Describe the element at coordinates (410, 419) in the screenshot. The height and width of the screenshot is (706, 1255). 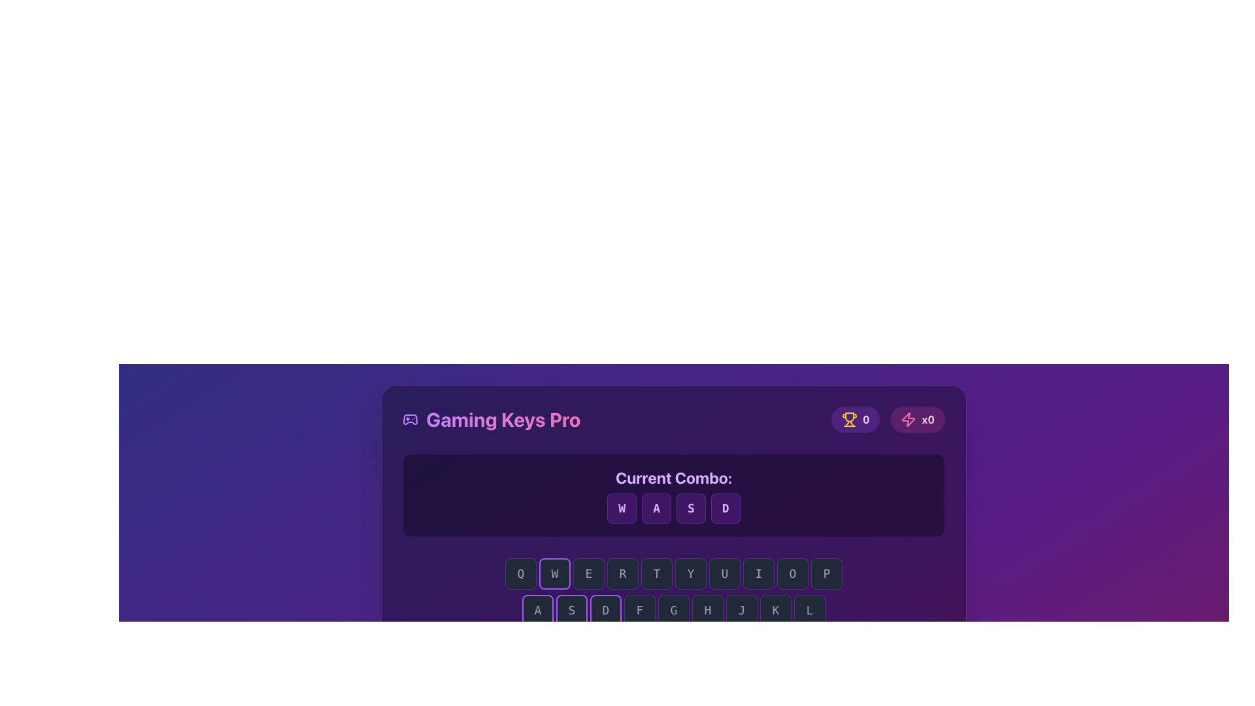
I see `the gamepad icon, which is a central graphical element in the icon group located near the top-right corner of the interface next to the 'Gaming Keys Pro' section header` at that location.